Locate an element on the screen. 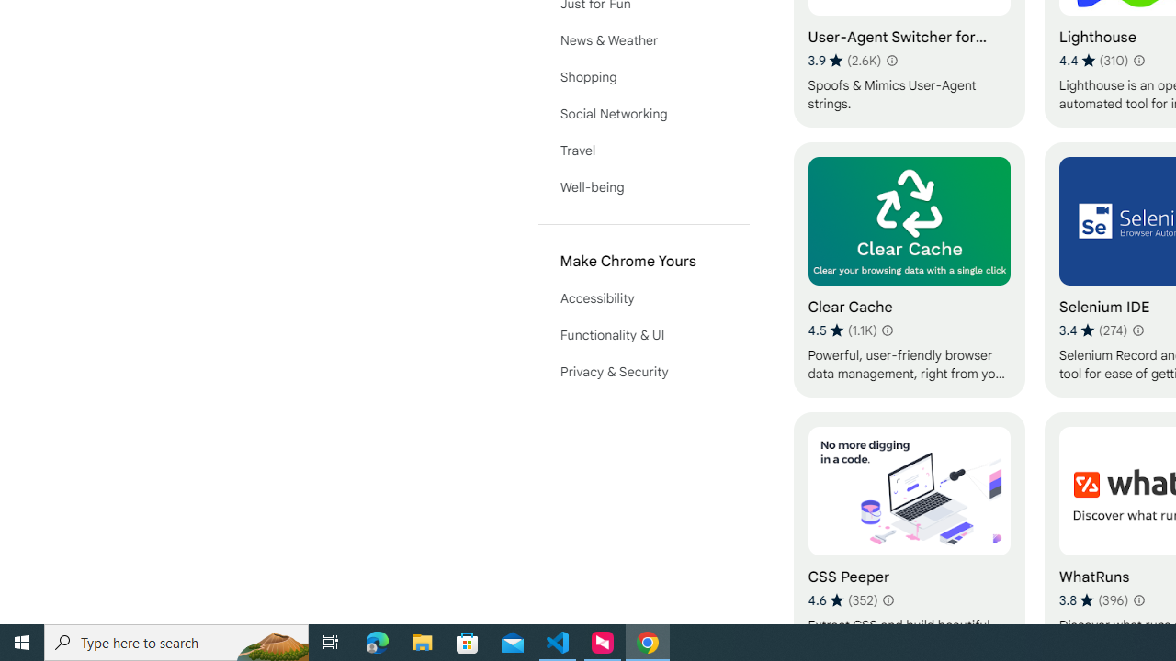  'Learn more about results and reviews "Selenium IDE"' is located at coordinates (1137, 330).